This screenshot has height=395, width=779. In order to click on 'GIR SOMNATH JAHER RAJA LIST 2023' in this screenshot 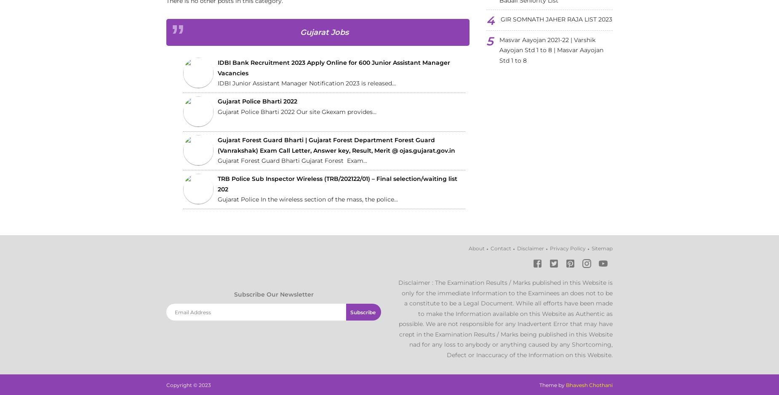, I will do `click(556, 19)`.